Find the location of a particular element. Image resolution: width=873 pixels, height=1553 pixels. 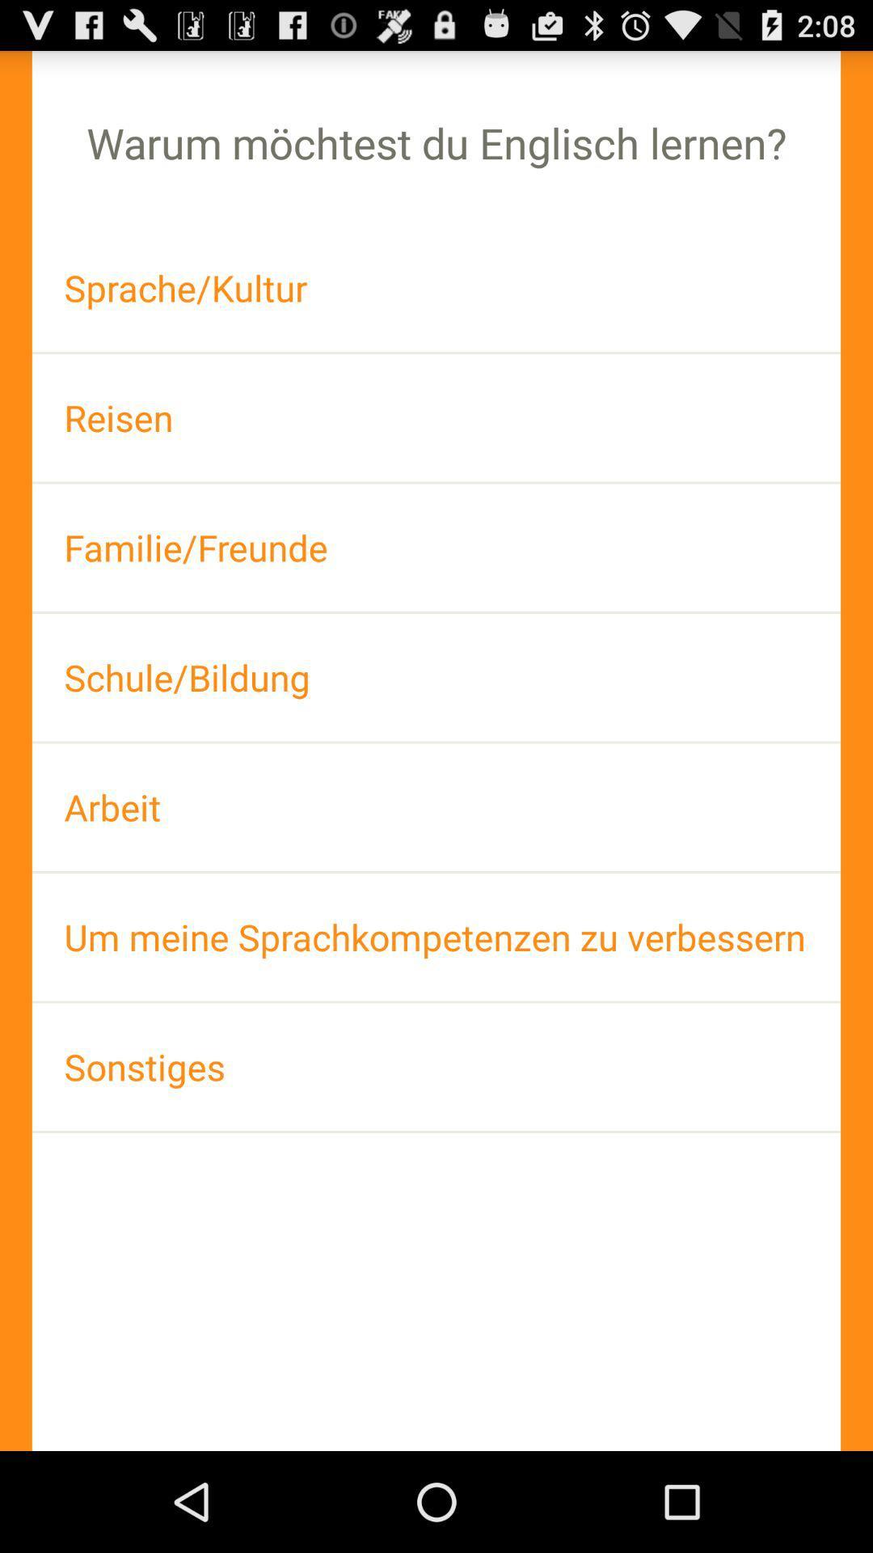

item above the sonstiges icon is located at coordinates (436, 937).